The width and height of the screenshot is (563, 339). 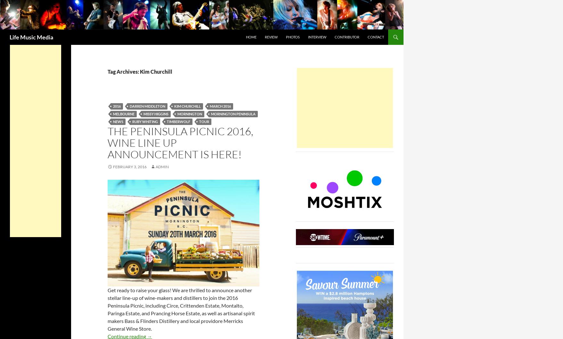 What do you see at coordinates (31, 37) in the screenshot?
I see `'Life Music Media'` at bounding box center [31, 37].